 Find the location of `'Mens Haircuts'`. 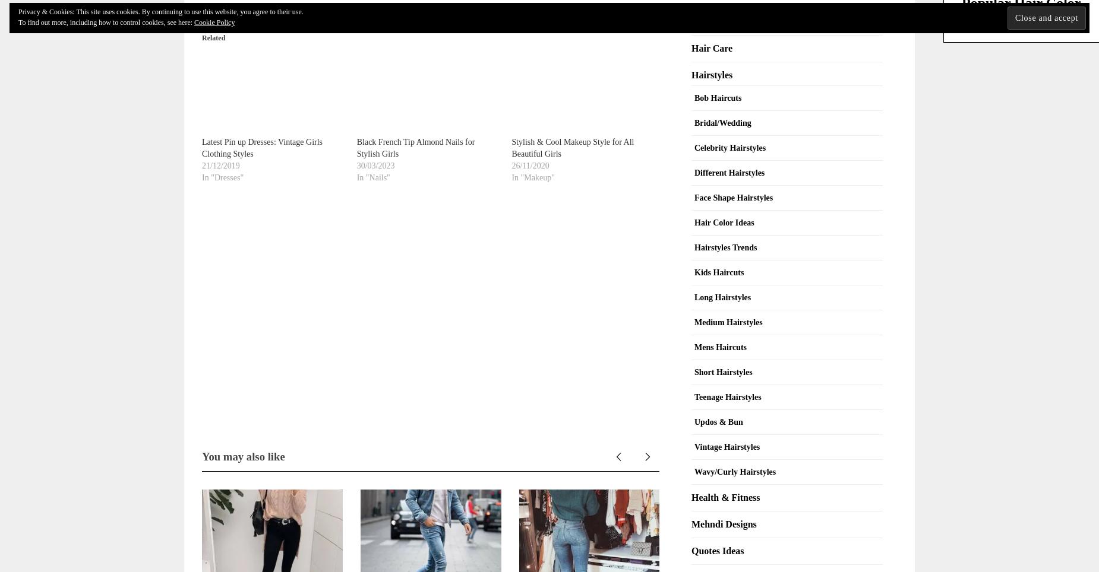

'Mens Haircuts' is located at coordinates (720, 346).